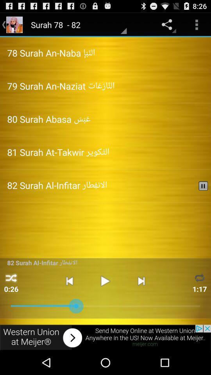  I want to click on the skip_next icon, so click(141, 300).